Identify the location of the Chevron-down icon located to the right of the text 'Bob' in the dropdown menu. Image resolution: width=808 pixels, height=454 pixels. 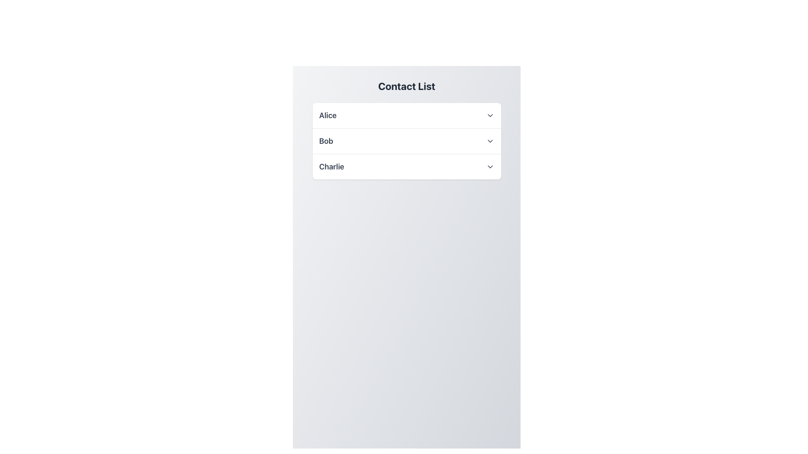
(490, 140).